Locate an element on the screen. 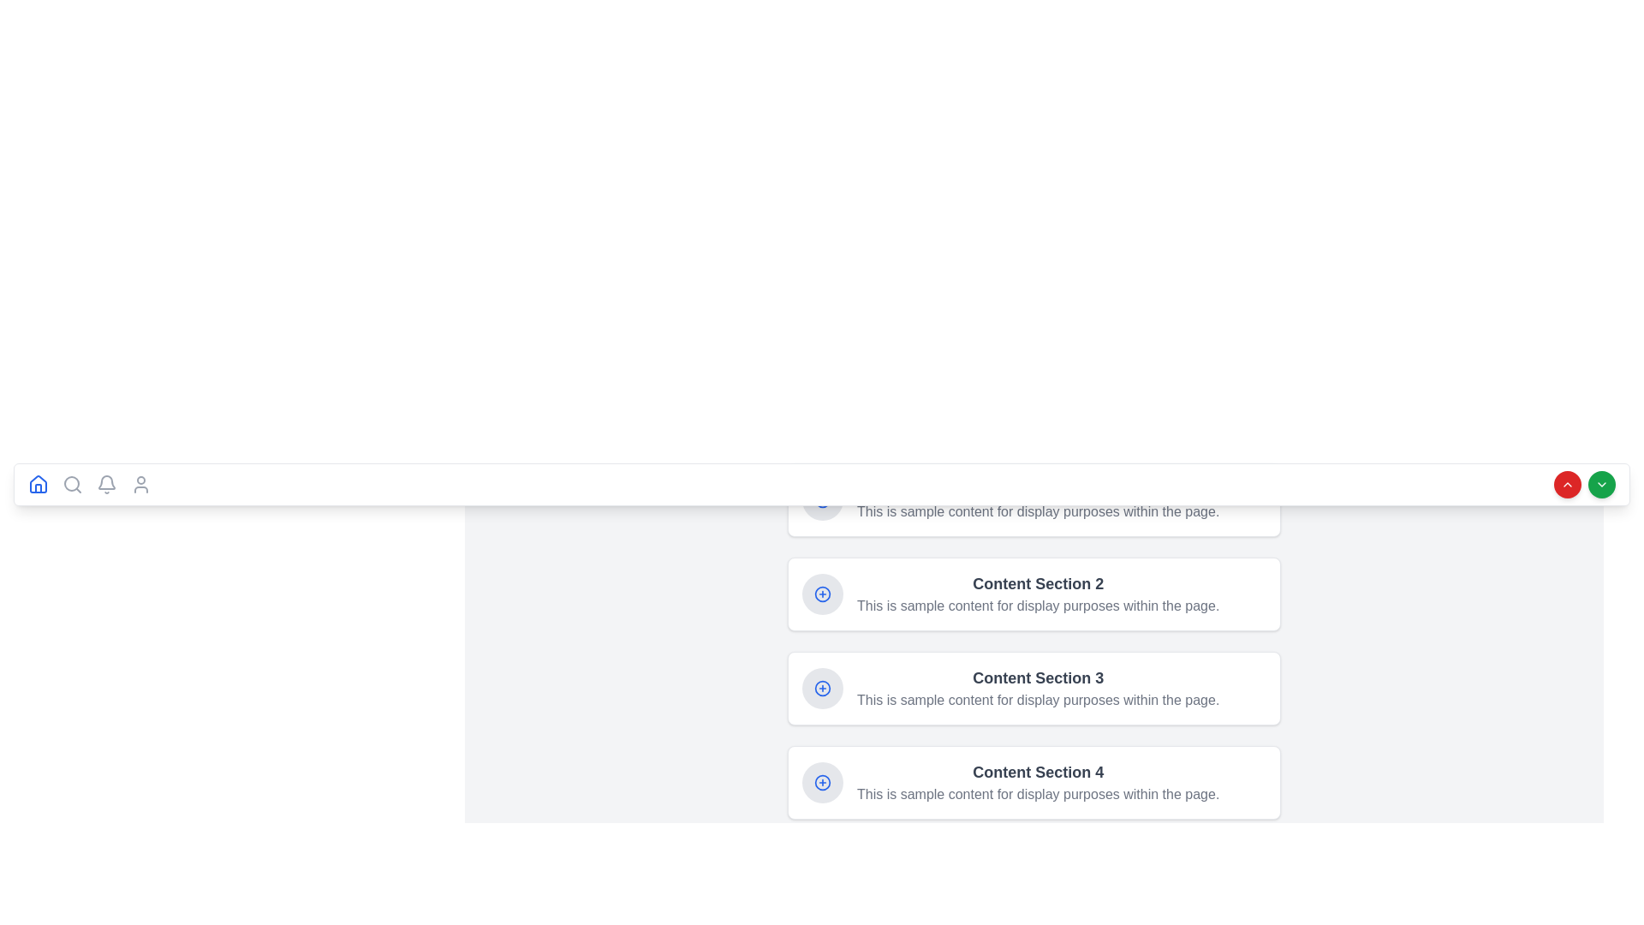  textual content label that displays: 'This is sample content for display purposes within the page.' positioned beneath the title 'Content Section 3' is located at coordinates (1037, 700).